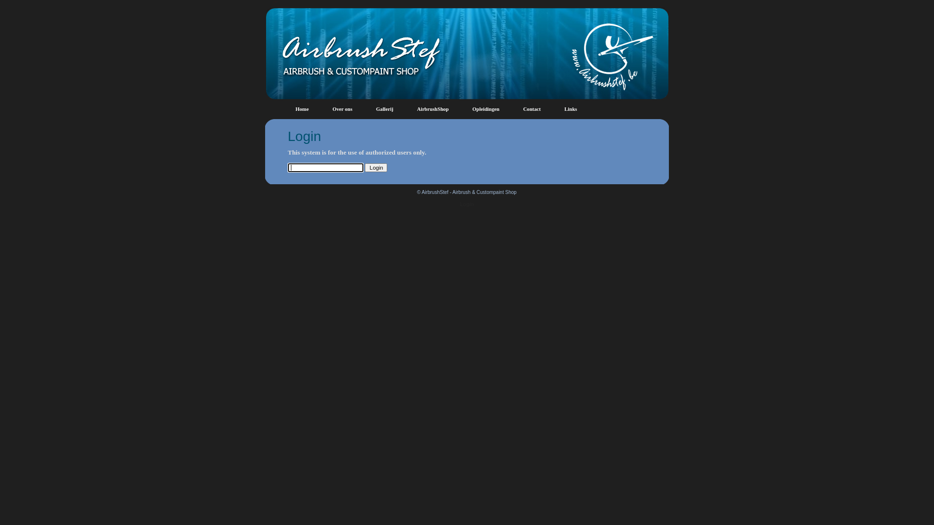 The height and width of the screenshot is (525, 934). I want to click on 'AirbrushShop', so click(432, 109).